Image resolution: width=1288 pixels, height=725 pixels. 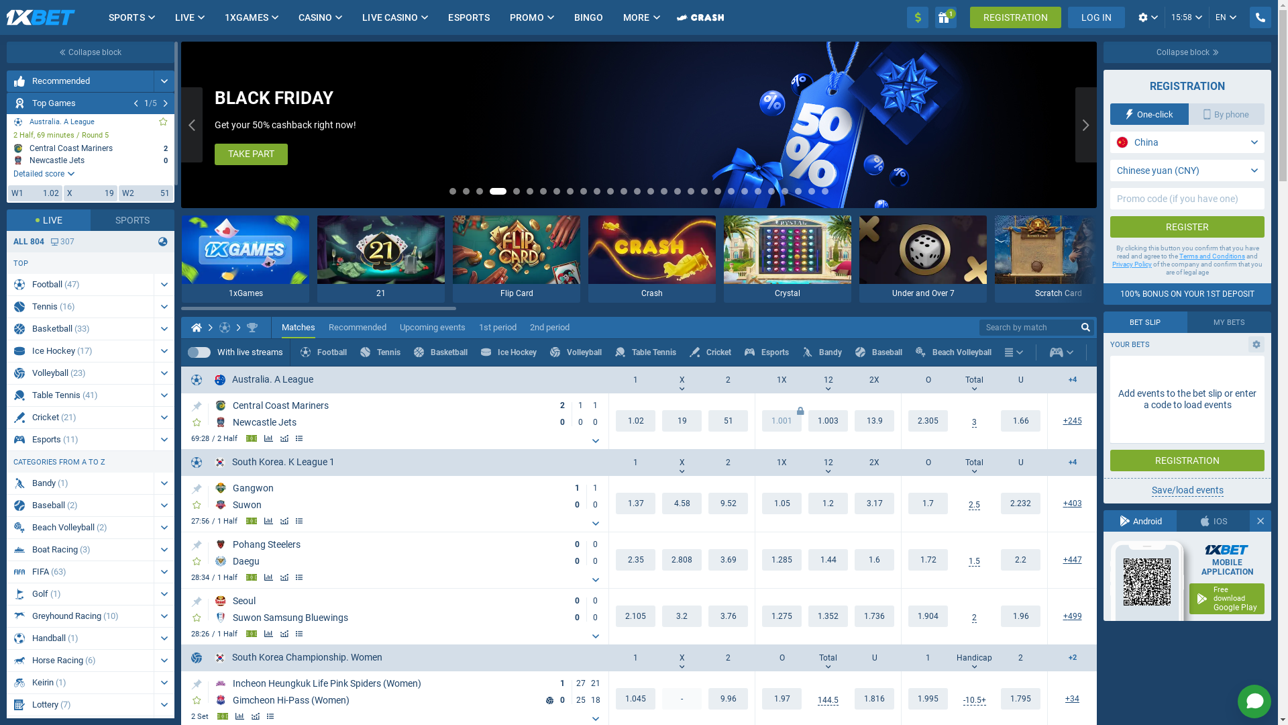 What do you see at coordinates (469, 17) in the screenshot?
I see `'ESPORTS'` at bounding box center [469, 17].